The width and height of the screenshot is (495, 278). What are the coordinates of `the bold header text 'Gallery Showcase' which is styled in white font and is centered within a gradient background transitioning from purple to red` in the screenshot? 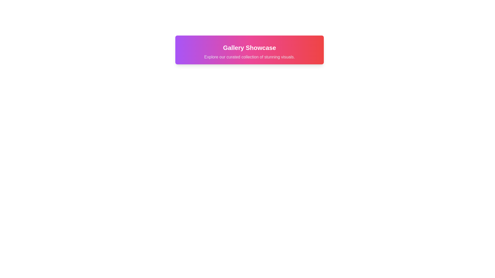 It's located at (250, 48).